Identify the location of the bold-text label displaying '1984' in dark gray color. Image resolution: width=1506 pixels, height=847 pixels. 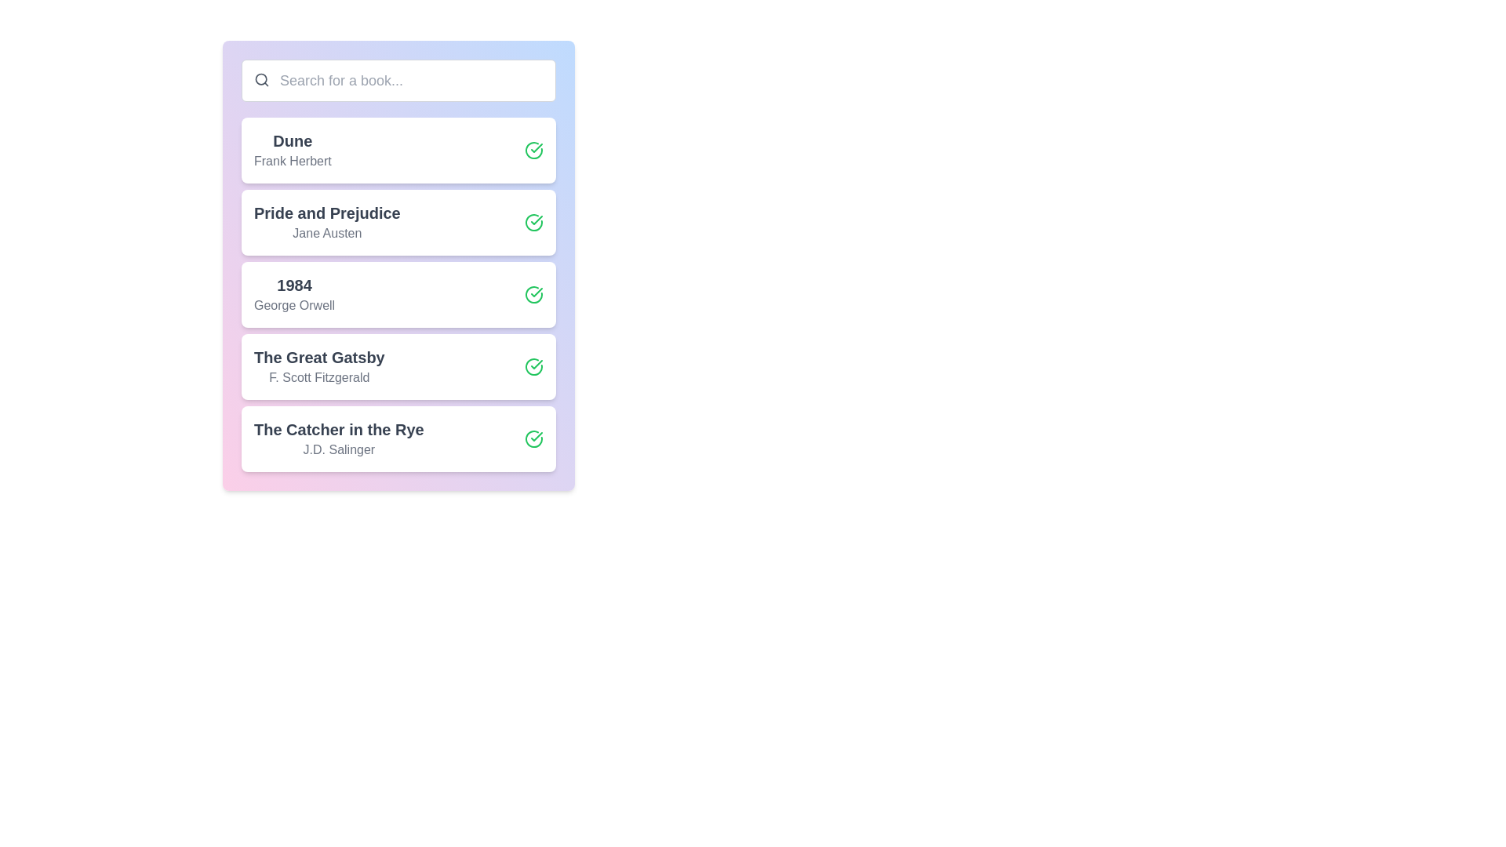
(294, 285).